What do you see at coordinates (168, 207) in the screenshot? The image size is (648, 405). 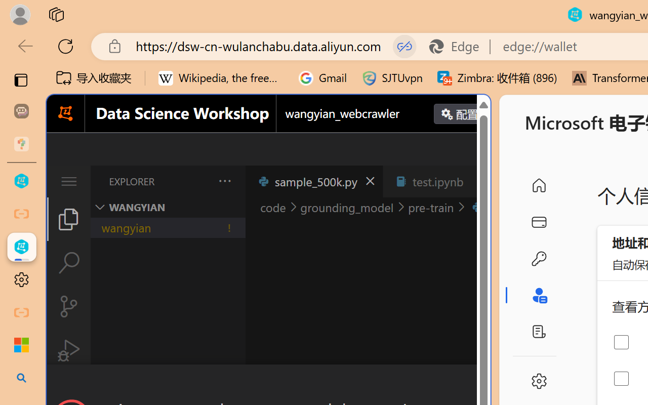 I see `'Explorer Section: wangyian'` at bounding box center [168, 207].